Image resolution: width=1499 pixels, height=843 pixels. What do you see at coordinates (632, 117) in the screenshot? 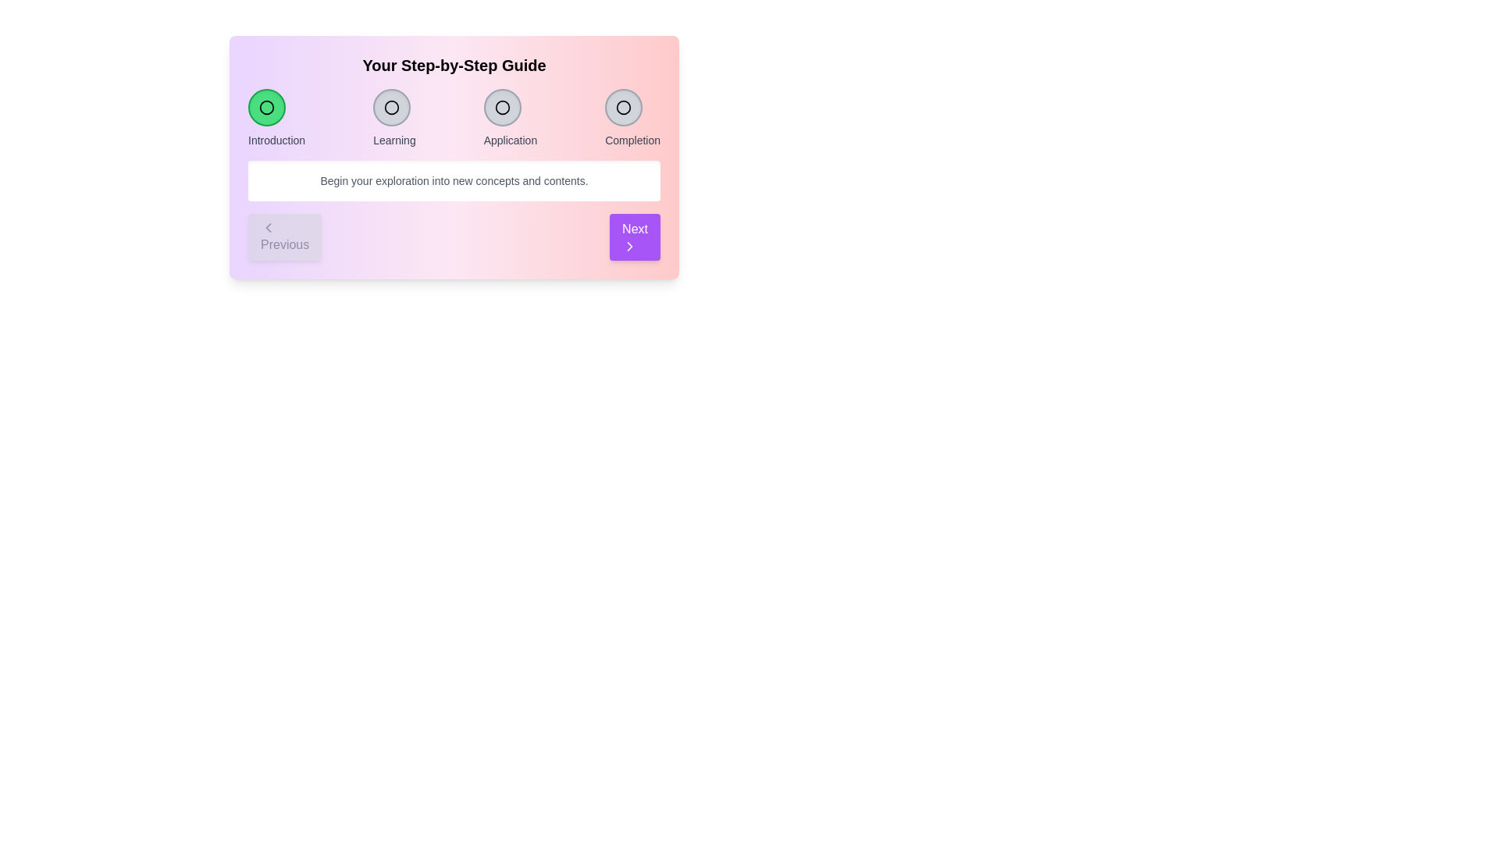
I see `the circular button labeled 'Completion' located in the upper-right corner of the panel` at bounding box center [632, 117].